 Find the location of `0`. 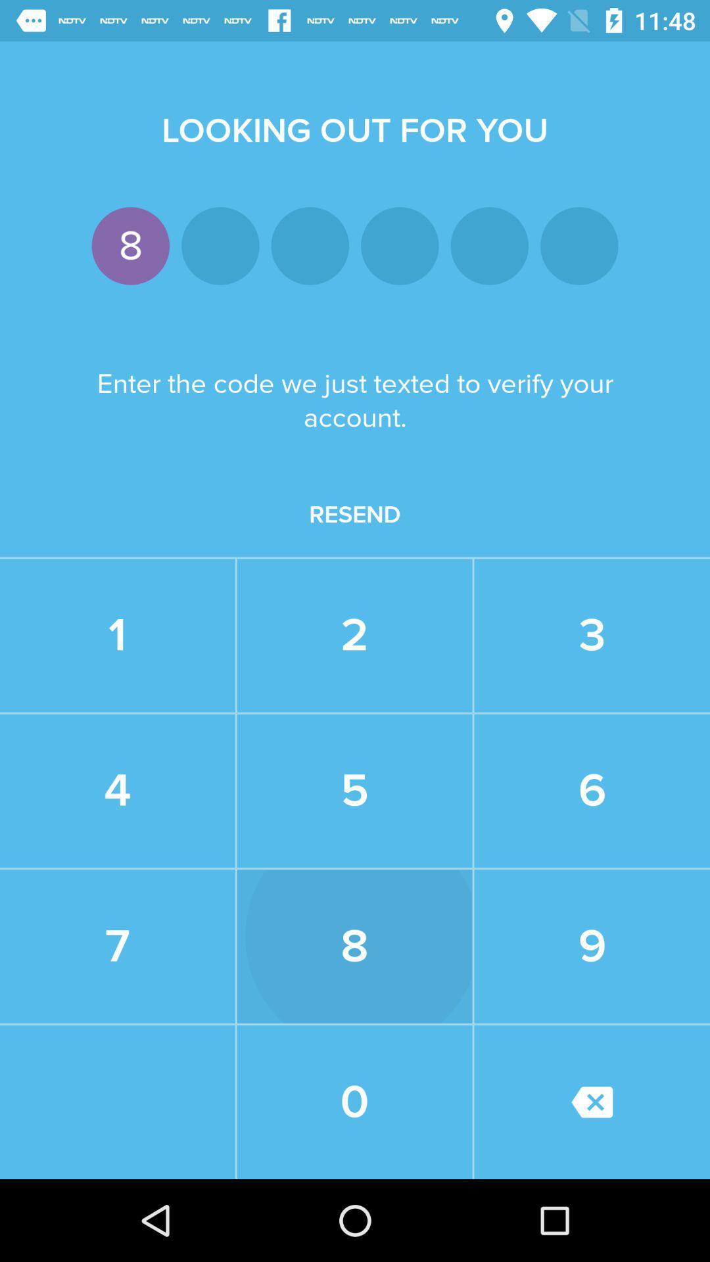

0 is located at coordinates (354, 1102).